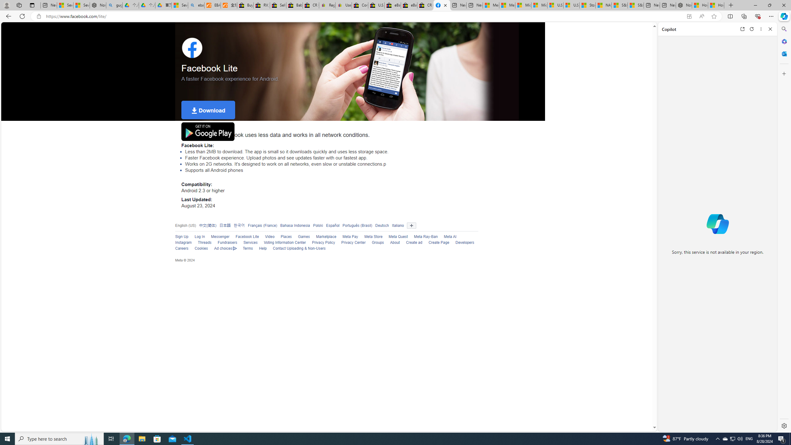  What do you see at coordinates (635, 5) in the screenshot?
I see `'S&P 500, Nasdaq end lower, weighed by Nvidia dip | Watch'` at bounding box center [635, 5].